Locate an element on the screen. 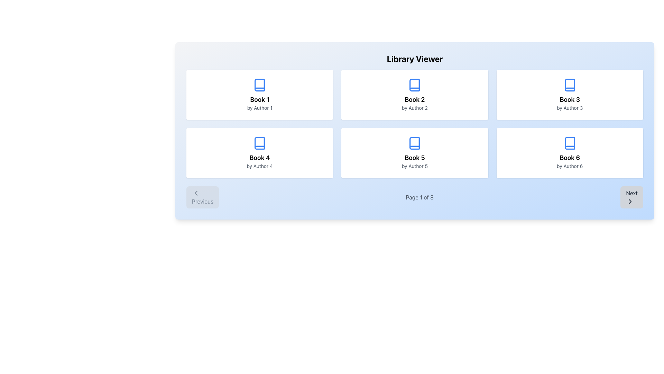  the rightward-pointing arrow icon inside the 'Next' button located at the bottom-right corner of the interface is located at coordinates (630, 202).